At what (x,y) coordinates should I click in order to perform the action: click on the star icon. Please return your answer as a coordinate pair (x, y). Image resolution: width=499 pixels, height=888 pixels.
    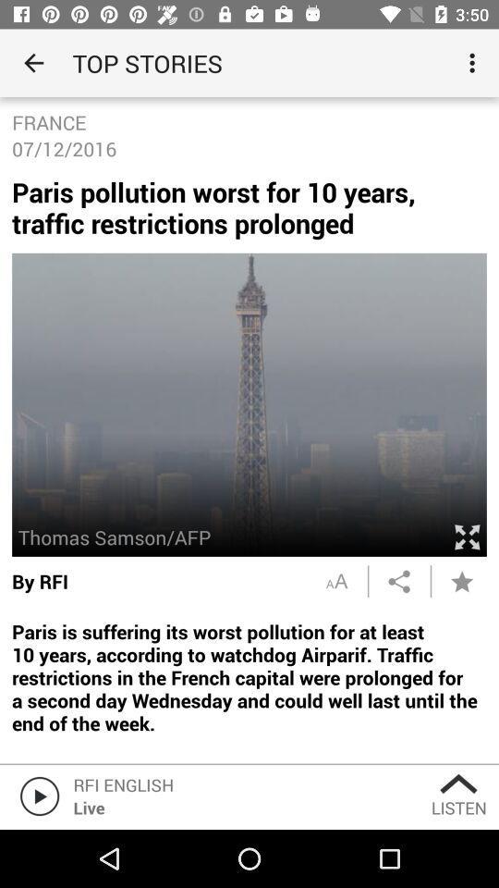
    Looking at the image, I should click on (461, 580).